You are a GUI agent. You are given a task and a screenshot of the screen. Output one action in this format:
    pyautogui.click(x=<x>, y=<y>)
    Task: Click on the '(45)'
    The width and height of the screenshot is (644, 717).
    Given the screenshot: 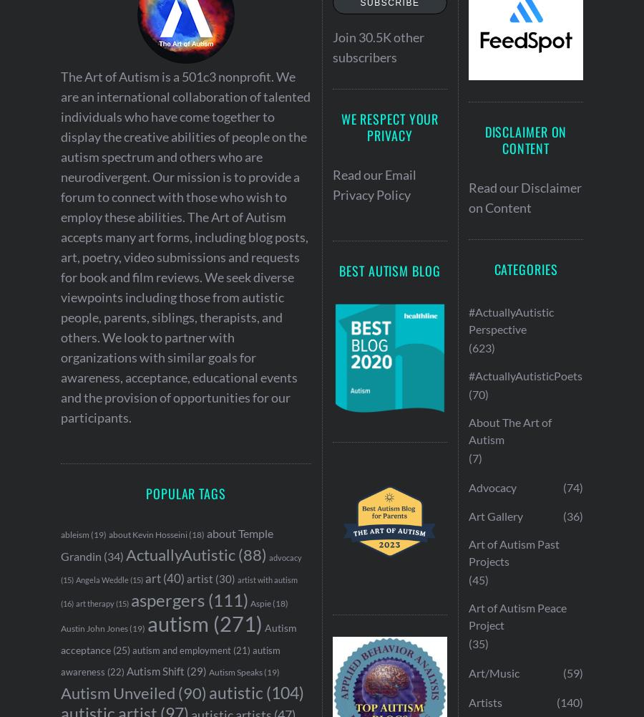 What is the action you would take?
    pyautogui.click(x=478, y=579)
    